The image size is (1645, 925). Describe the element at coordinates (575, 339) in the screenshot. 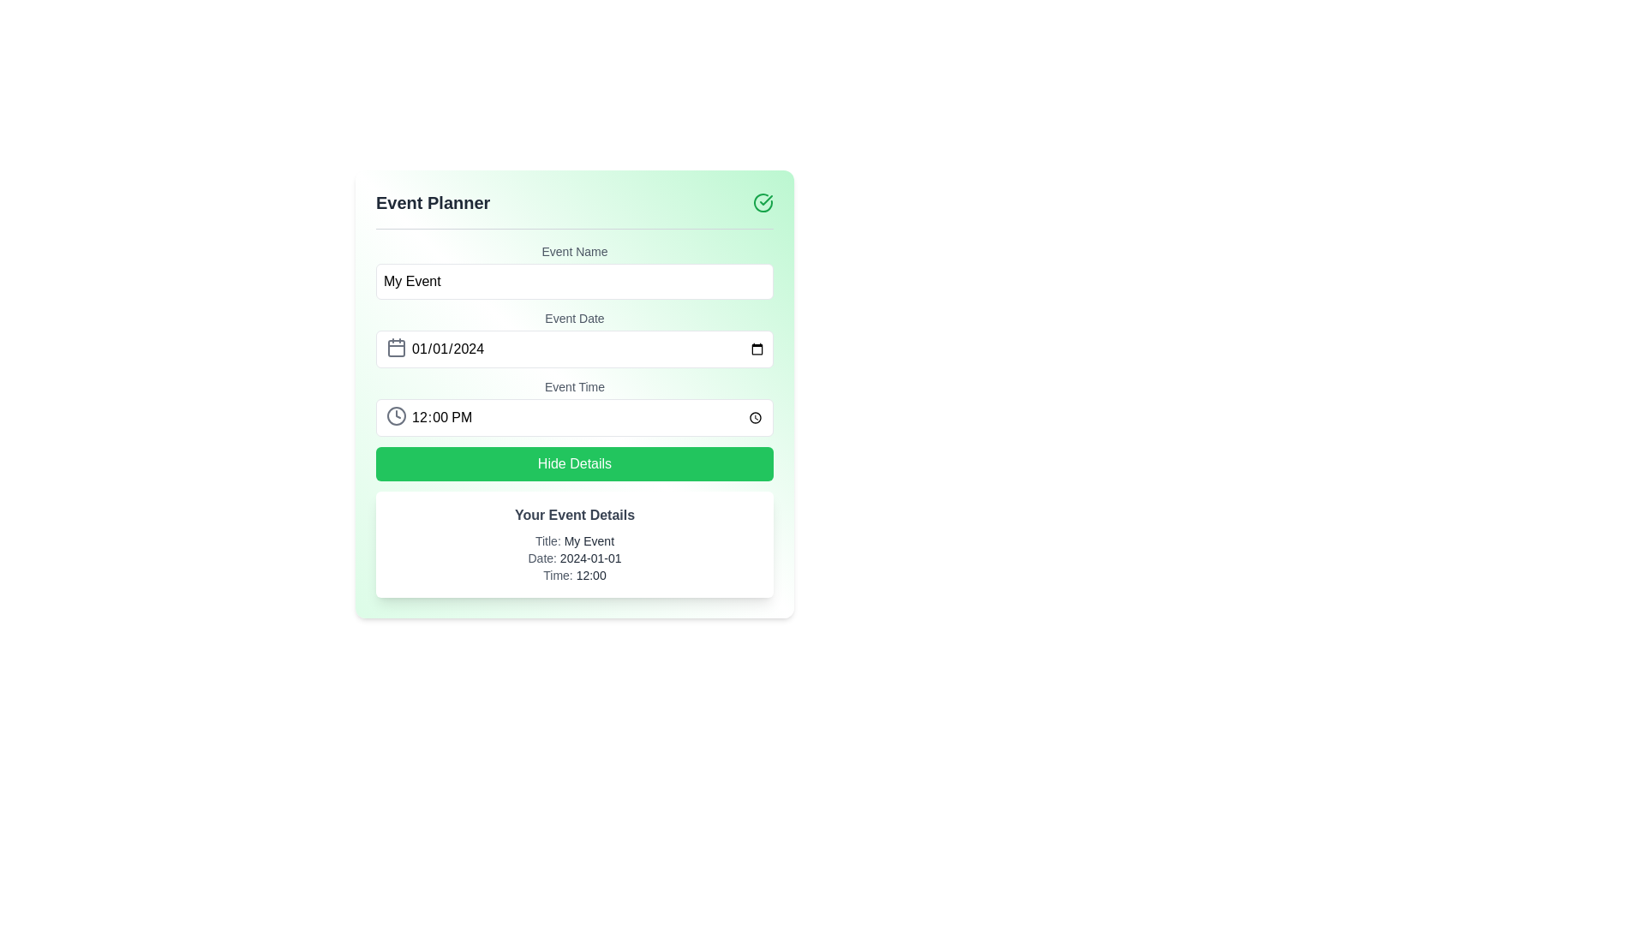

I see `a date using the calendar icon associated with the 'Event Date' input field in the event planner form` at that location.